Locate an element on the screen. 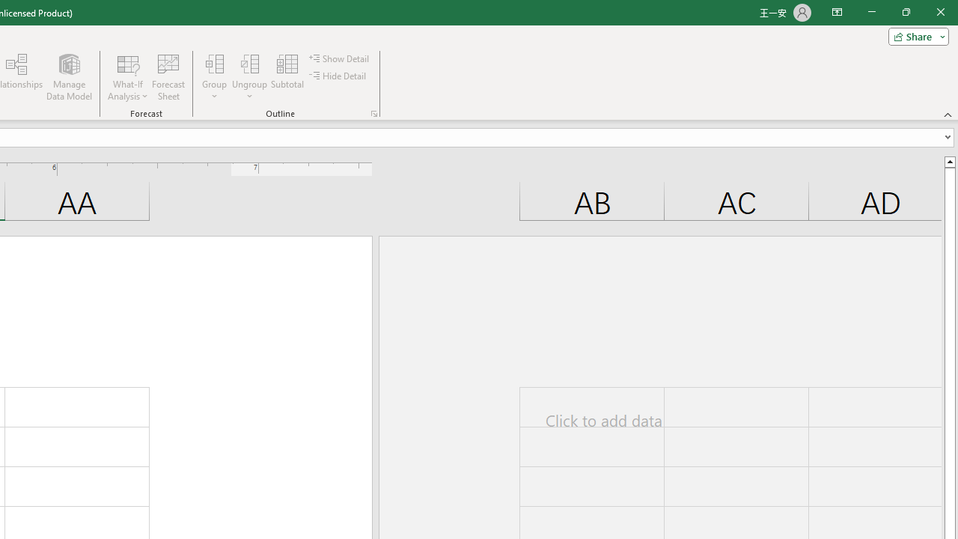  'Group...' is located at coordinates (214, 77).